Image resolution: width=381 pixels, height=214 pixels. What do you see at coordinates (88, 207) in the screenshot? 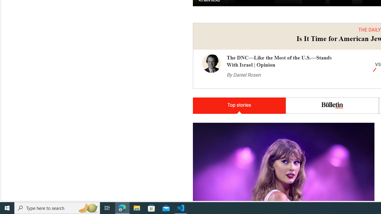
I see `'Search highlights icon opens search home window'` at bounding box center [88, 207].